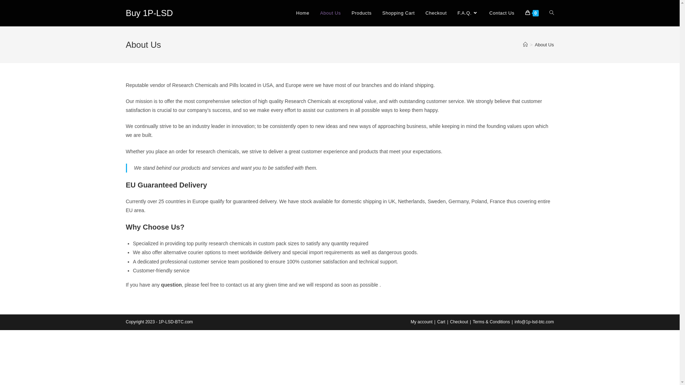 This screenshot has width=685, height=385. I want to click on 'Cart', so click(436, 322).